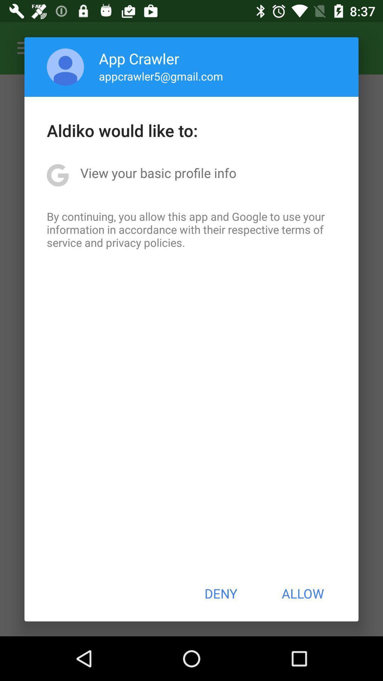 This screenshot has height=681, width=383. I want to click on the icon above the by continuing you item, so click(158, 173).